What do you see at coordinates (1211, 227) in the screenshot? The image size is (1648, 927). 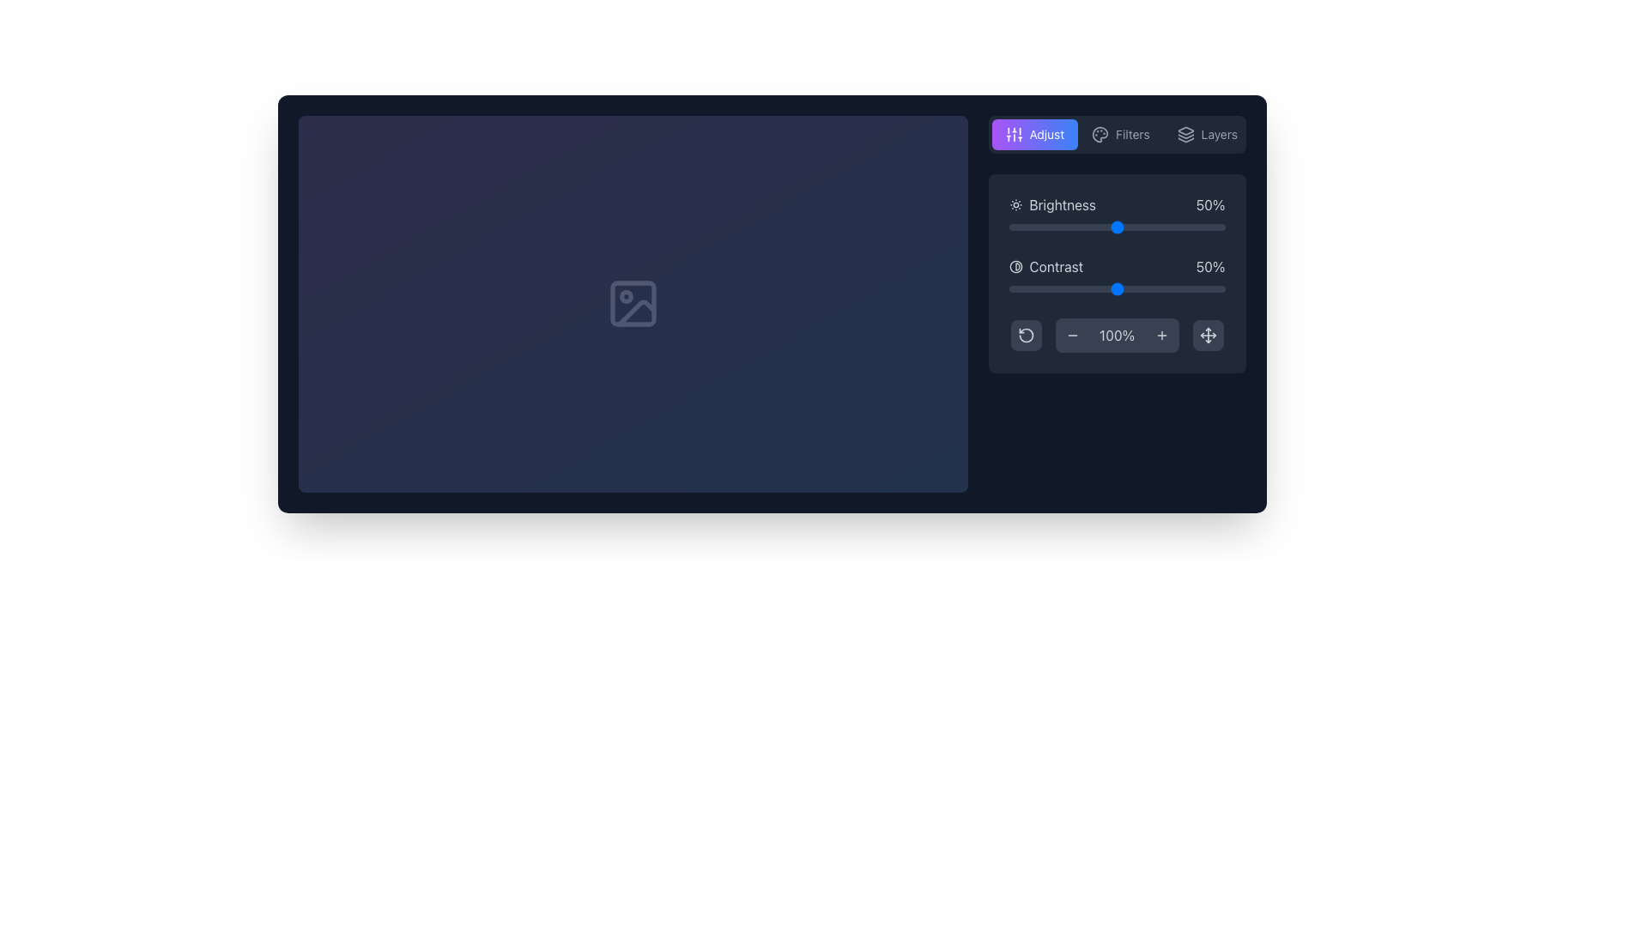 I see `the slider value` at bounding box center [1211, 227].